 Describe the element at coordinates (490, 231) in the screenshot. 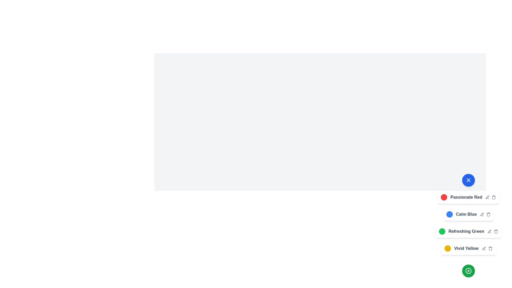

I see `edit button next to the color theme named Refreshing Green` at that location.